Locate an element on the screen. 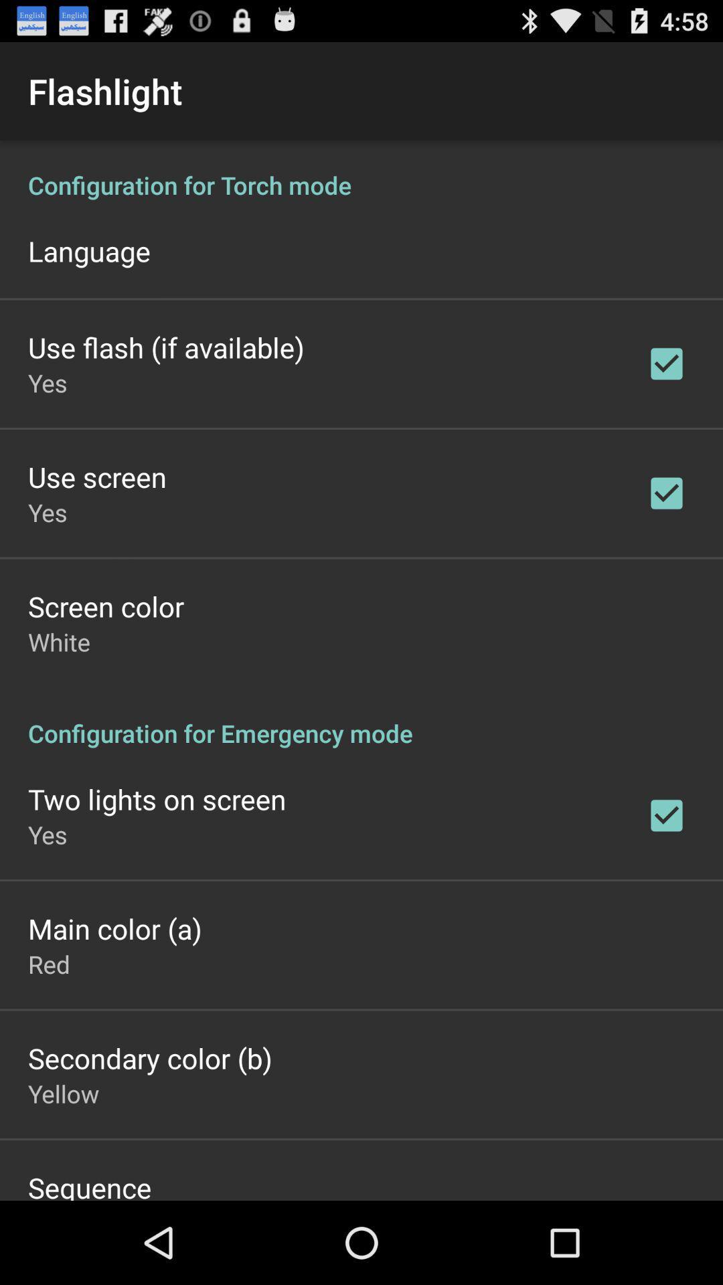 The height and width of the screenshot is (1285, 723). the app above yes is located at coordinates (156, 799).